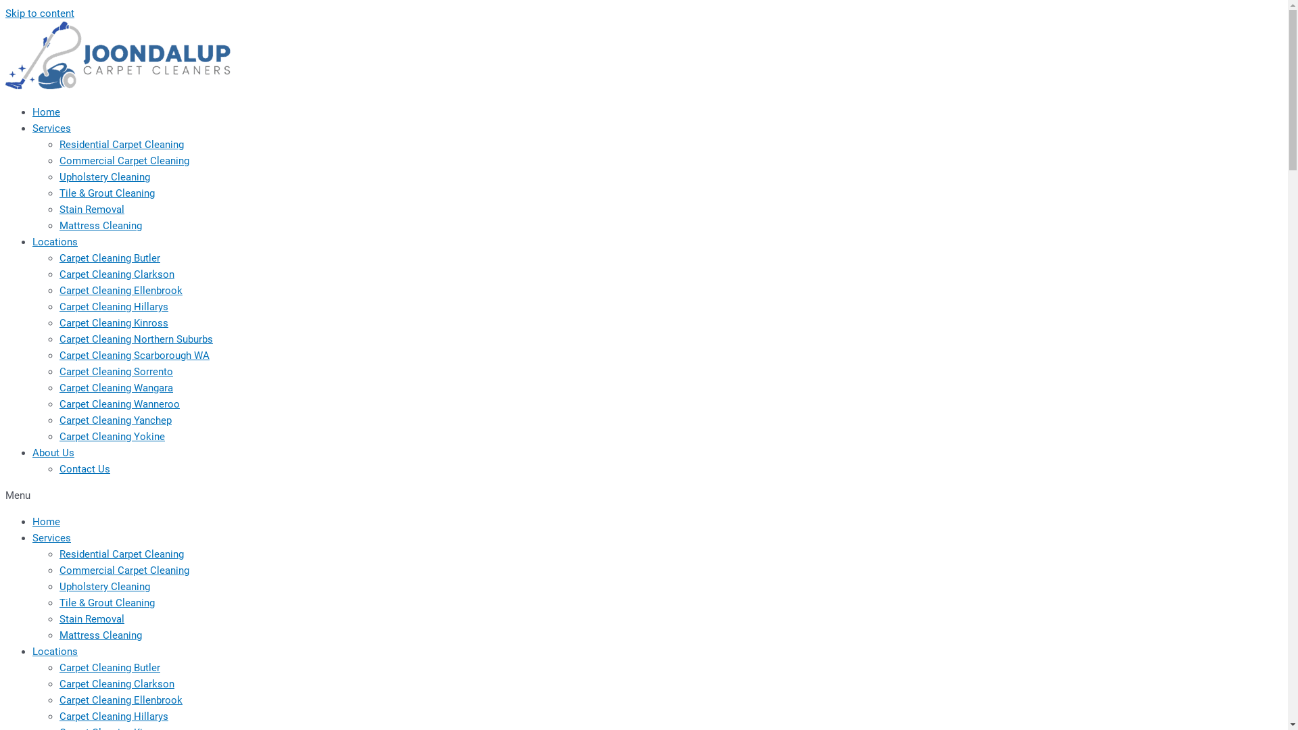  Describe the element at coordinates (51, 537) in the screenshot. I see `'Services'` at that location.